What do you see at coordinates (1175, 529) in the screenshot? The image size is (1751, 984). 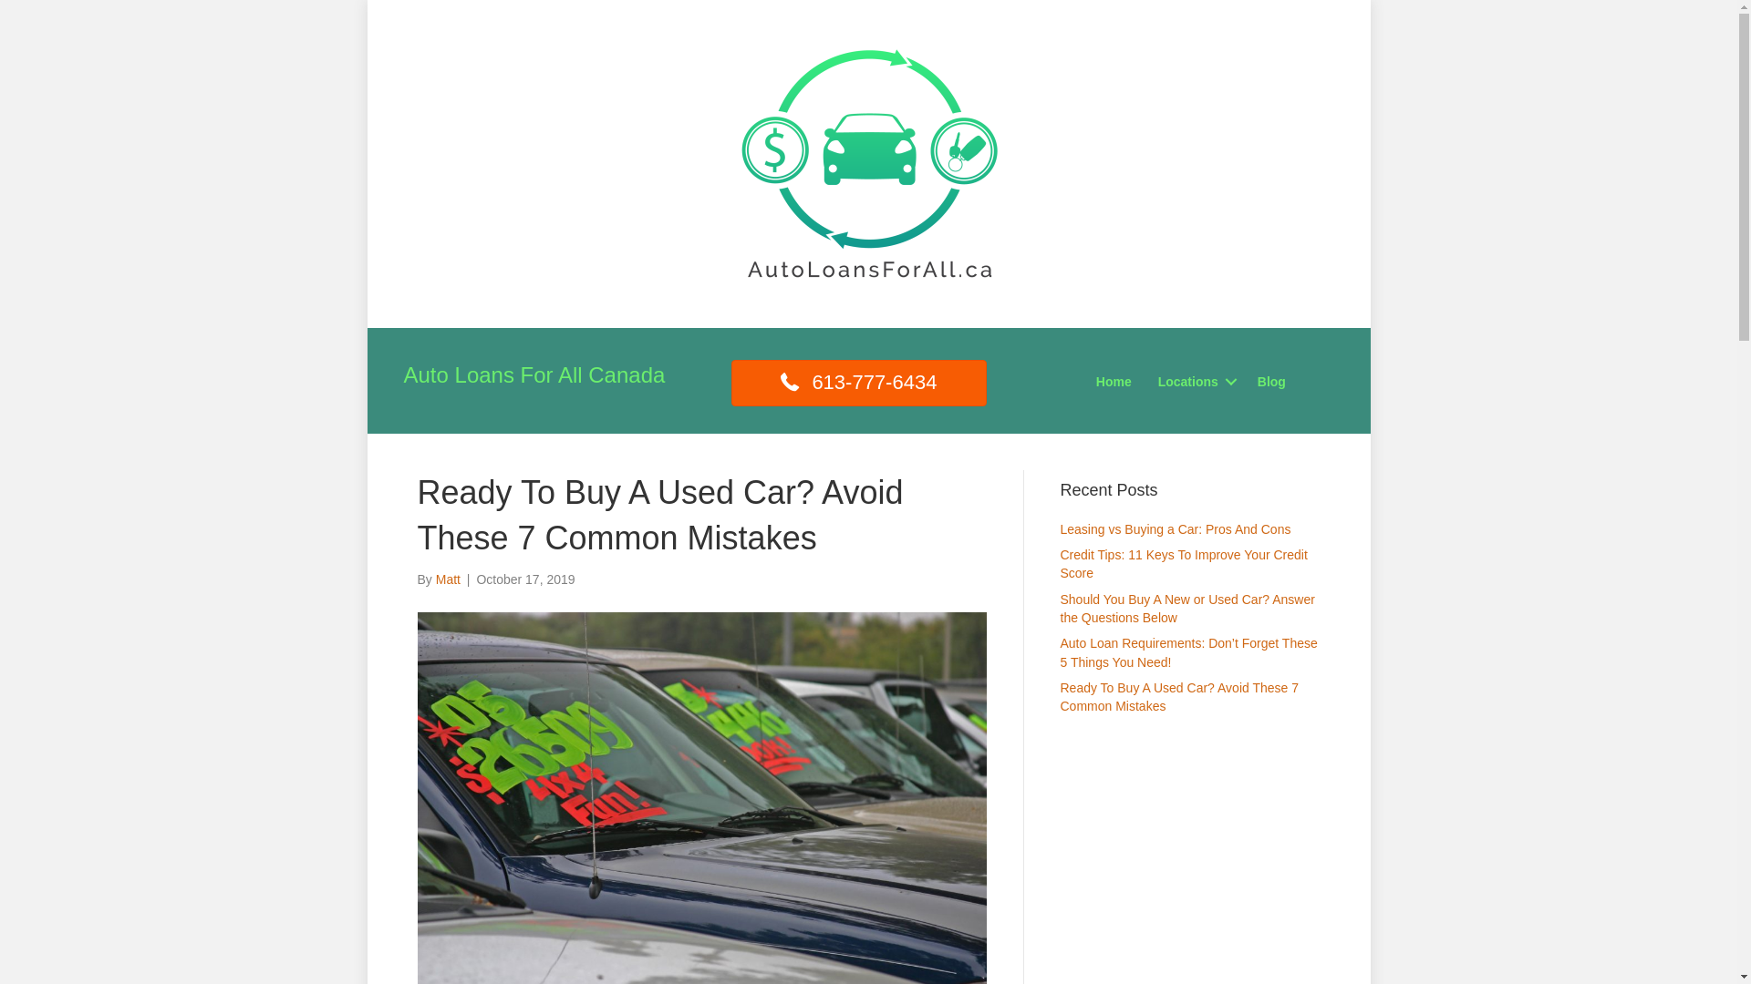 I see `'Leasing vs Buying a Car: Pros And Cons'` at bounding box center [1175, 529].